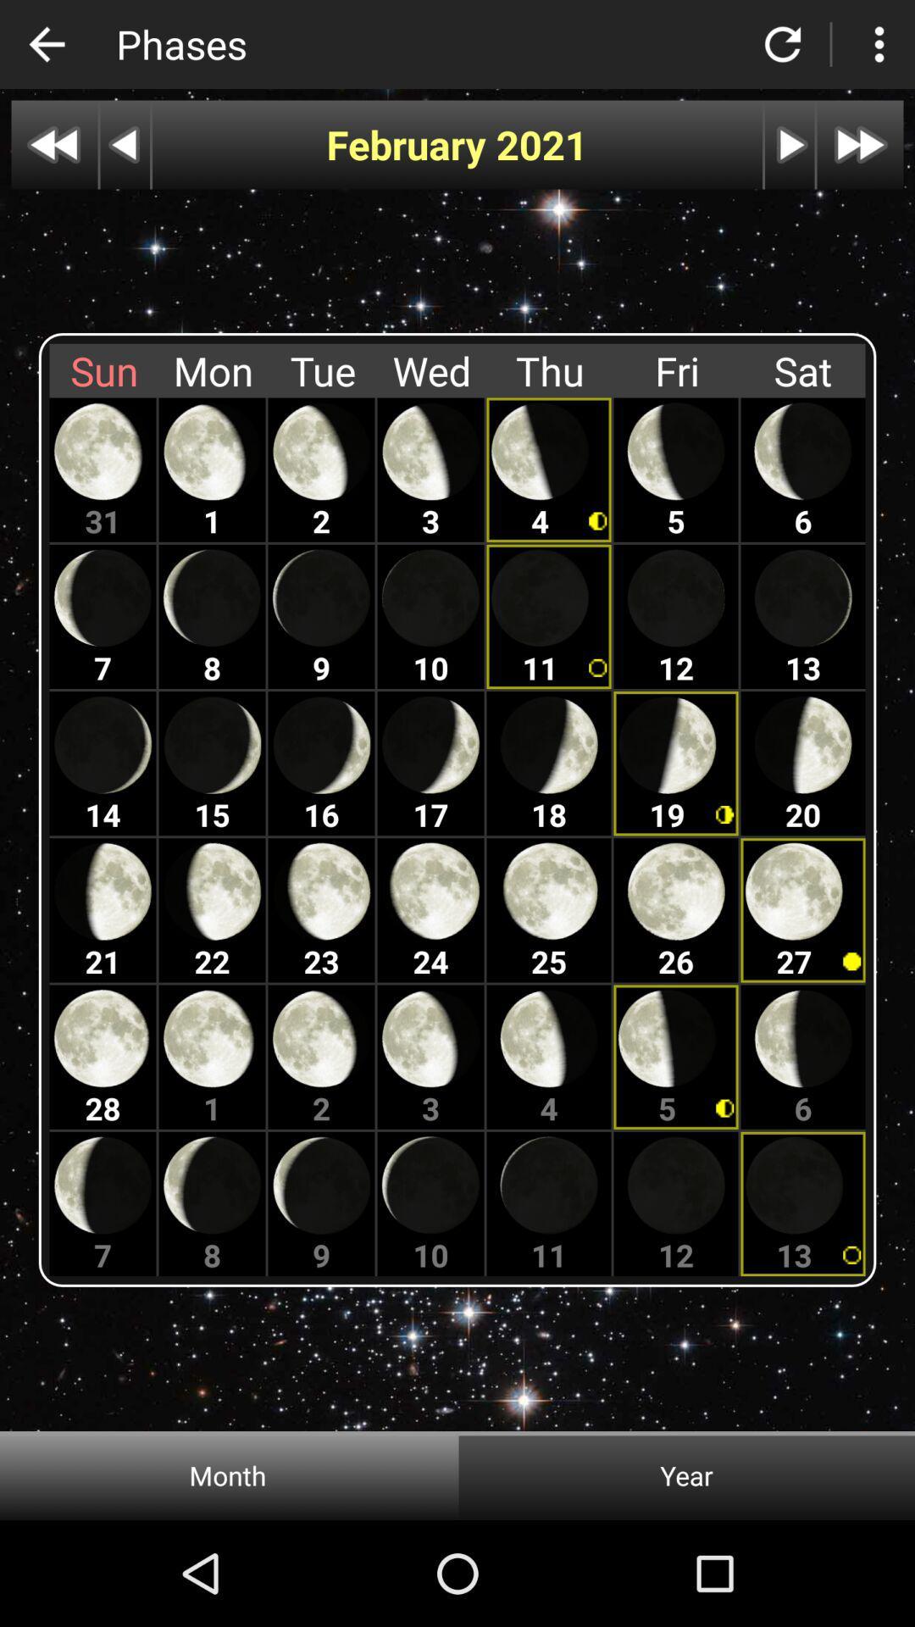  I want to click on next, so click(790, 145).